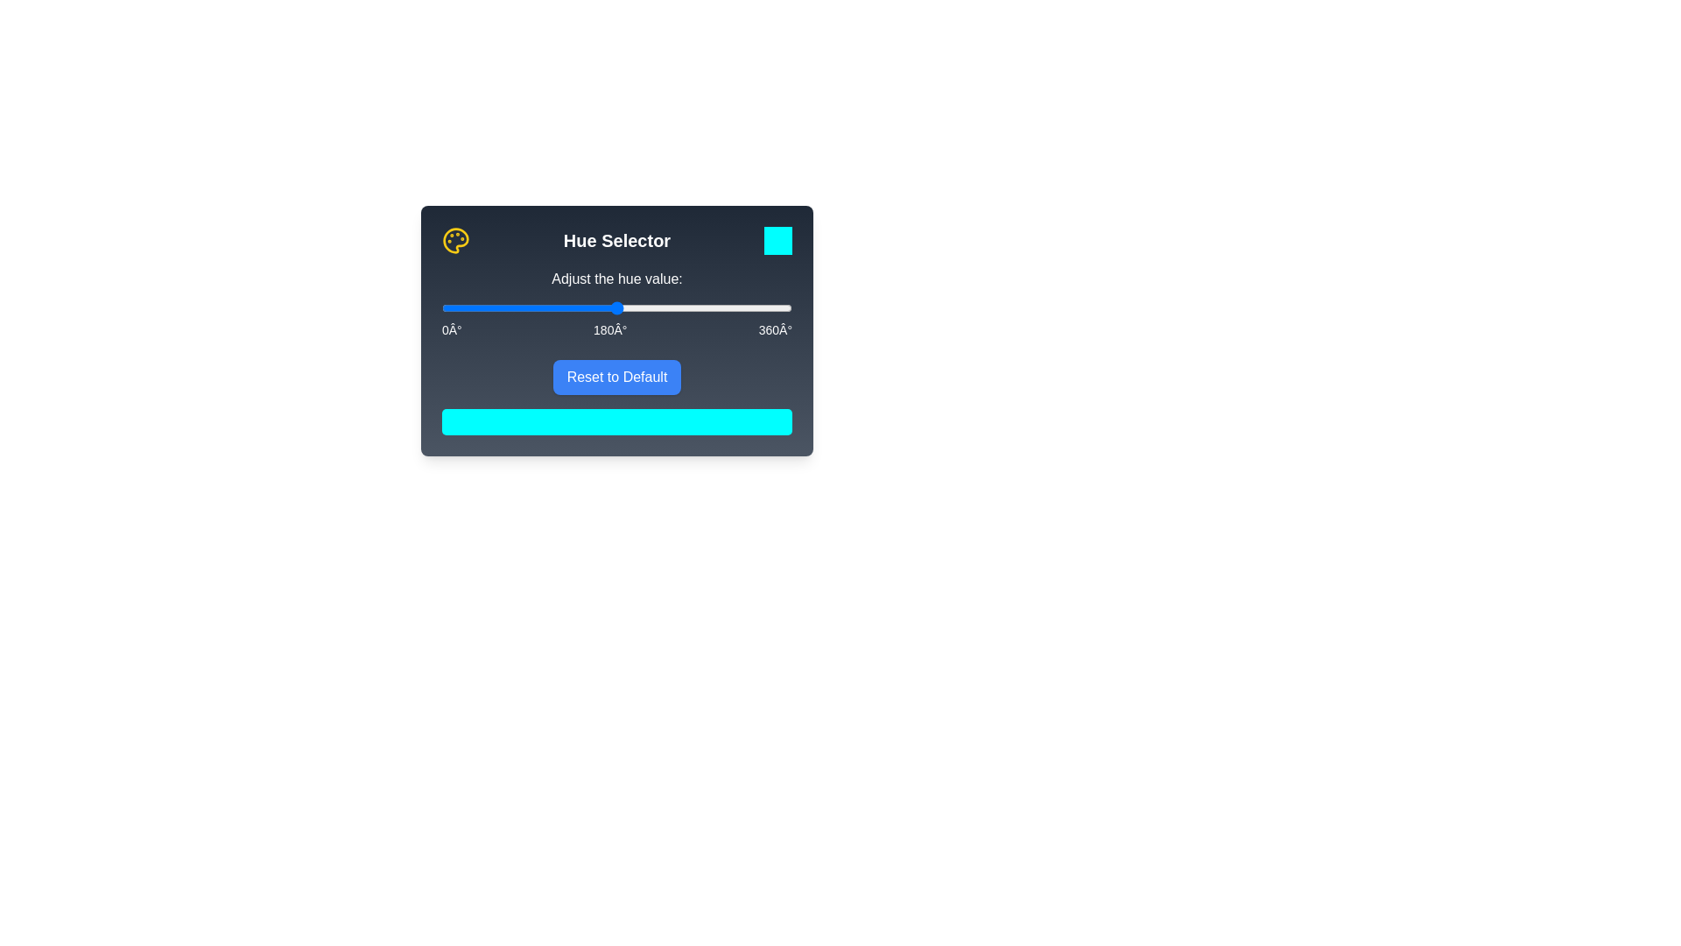 The width and height of the screenshot is (1681, 946). I want to click on the hue slider to 137°, so click(575, 307).